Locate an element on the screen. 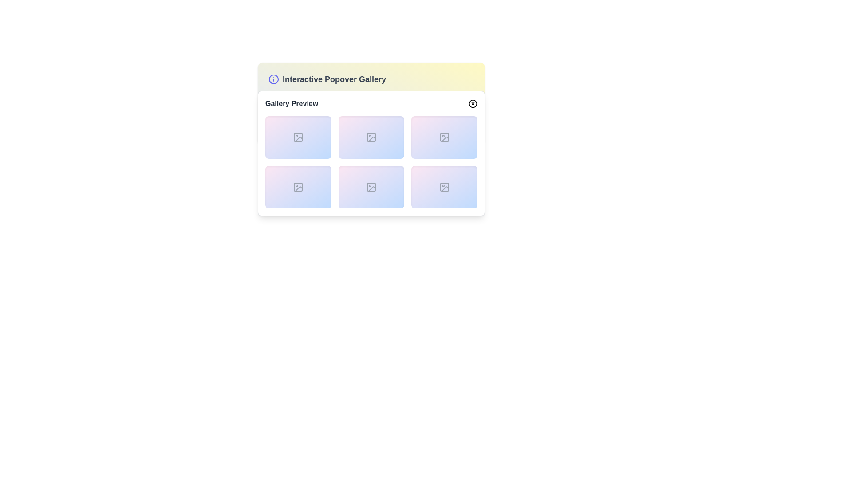 Image resolution: width=852 pixels, height=479 pixels. the circular indigo info icon located at the top-left corner of the 'Interactive Popover Gallery' section is located at coordinates (273, 79).